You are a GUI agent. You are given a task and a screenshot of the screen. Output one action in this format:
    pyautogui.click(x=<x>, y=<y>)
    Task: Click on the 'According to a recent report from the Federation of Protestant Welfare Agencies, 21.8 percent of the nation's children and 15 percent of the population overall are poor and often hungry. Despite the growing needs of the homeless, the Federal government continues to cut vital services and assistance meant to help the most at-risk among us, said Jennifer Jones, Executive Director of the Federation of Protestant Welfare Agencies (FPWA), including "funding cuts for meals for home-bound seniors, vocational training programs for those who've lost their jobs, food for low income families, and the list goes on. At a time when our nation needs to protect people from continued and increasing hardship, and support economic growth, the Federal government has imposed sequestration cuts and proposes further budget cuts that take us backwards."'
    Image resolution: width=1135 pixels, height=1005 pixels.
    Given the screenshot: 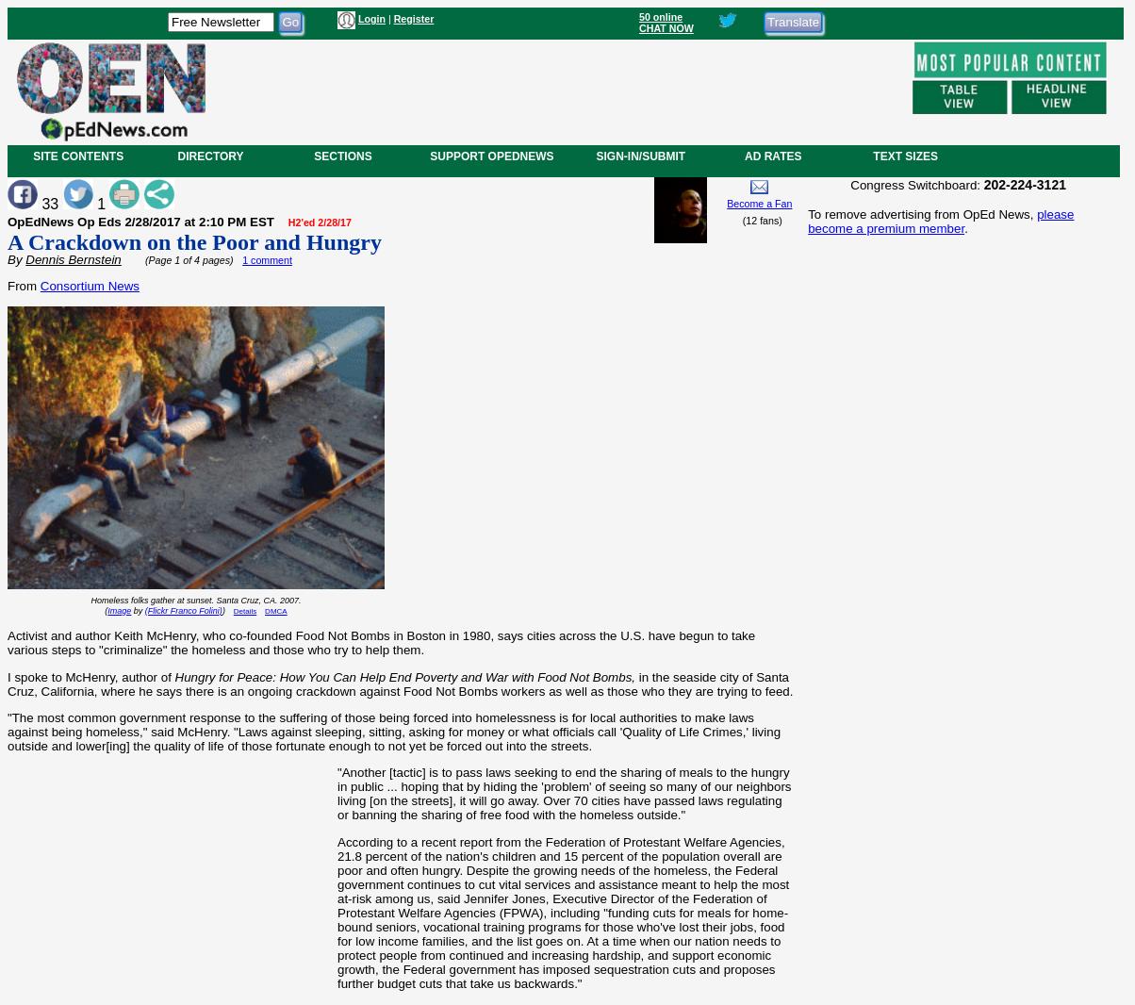 What is the action you would take?
    pyautogui.click(x=337, y=912)
    